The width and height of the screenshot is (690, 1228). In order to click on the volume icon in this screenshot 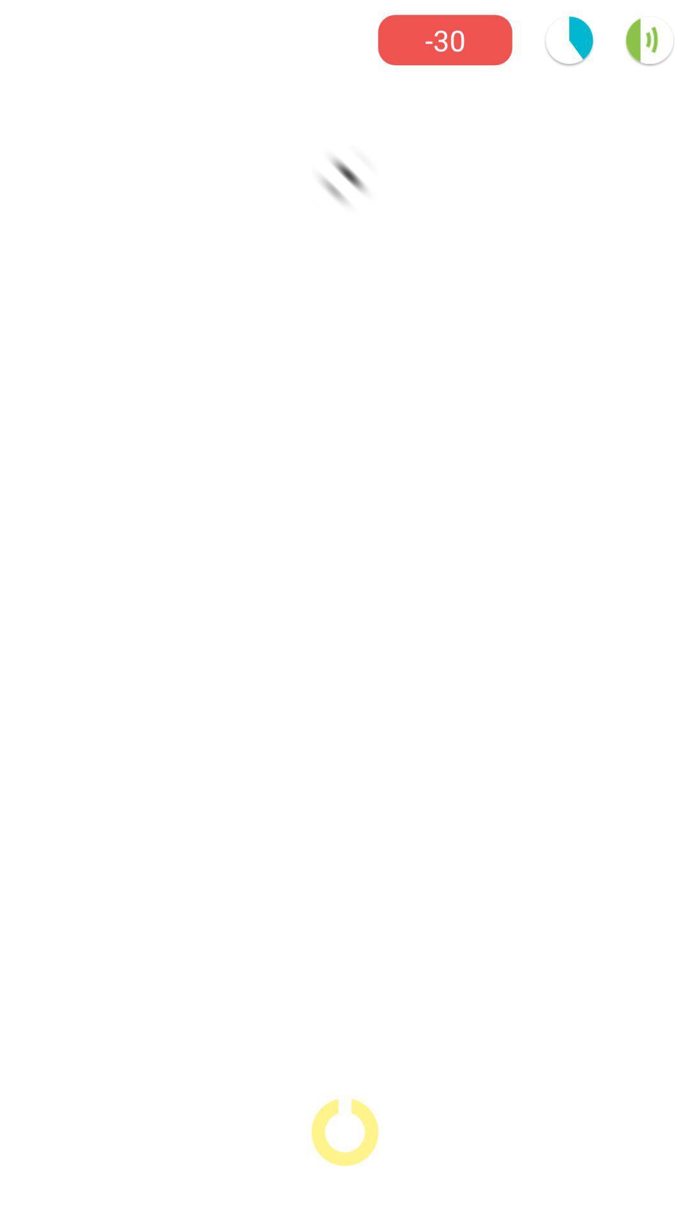, I will do `click(650, 40)`.